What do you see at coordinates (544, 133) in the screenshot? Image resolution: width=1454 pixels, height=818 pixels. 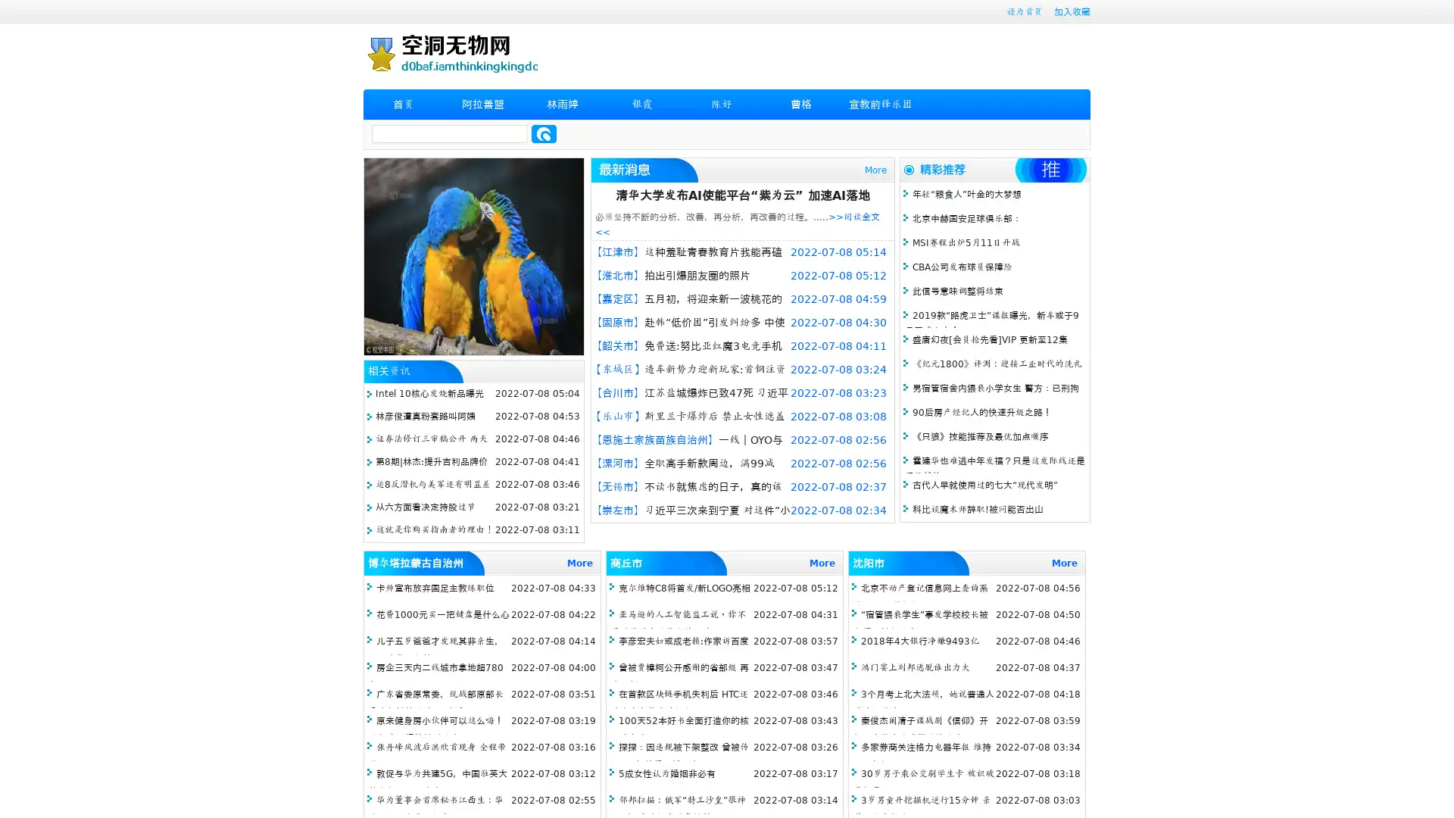 I see `Search` at bounding box center [544, 133].